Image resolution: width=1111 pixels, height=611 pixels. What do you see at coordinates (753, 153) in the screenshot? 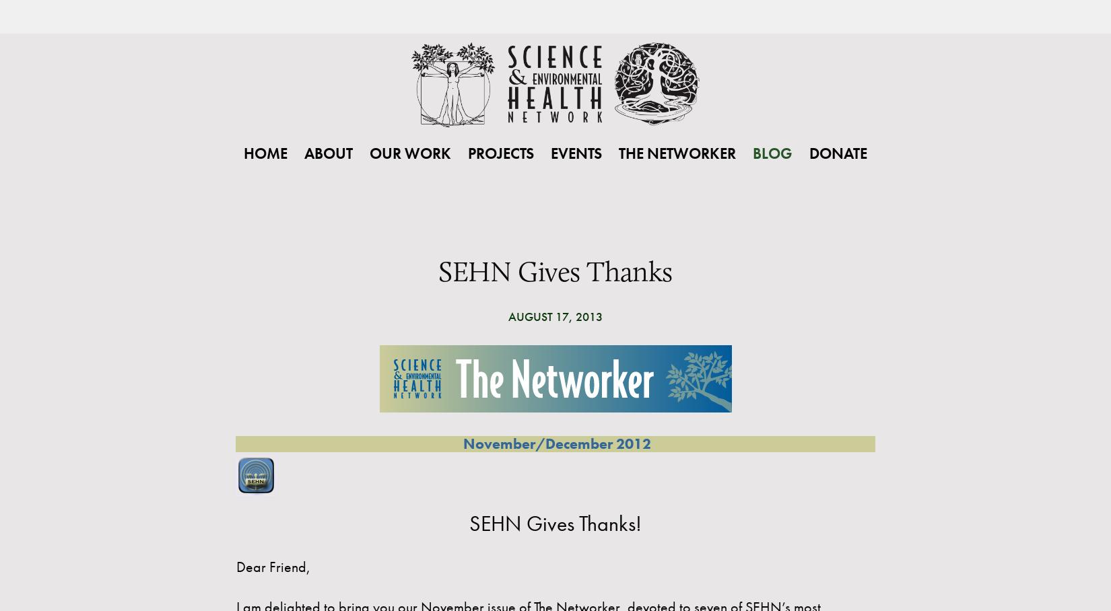
I see `'Blog'` at bounding box center [753, 153].